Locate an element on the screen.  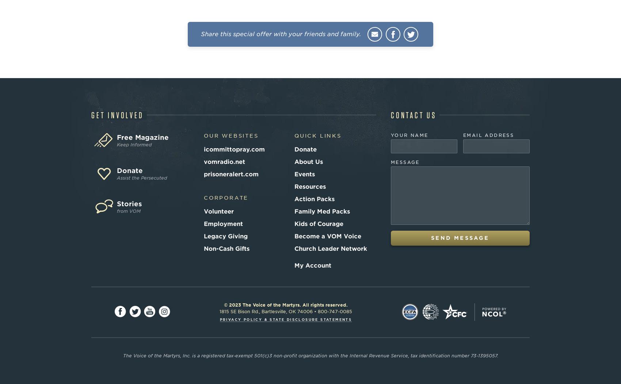
'prisoneralert.com' is located at coordinates (231, 174).